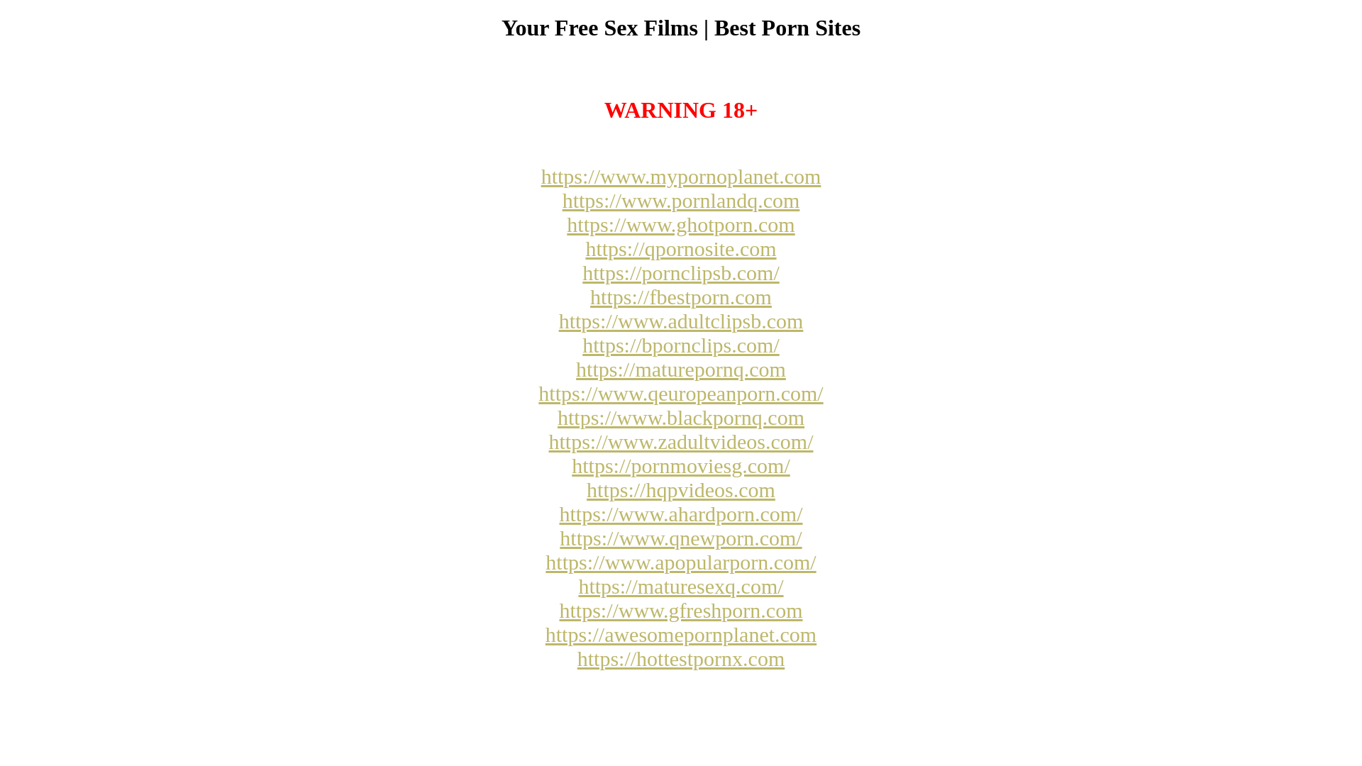 This screenshot has height=766, width=1362. What do you see at coordinates (681, 368) in the screenshot?
I see `'https://maturepornq.com'` at bounding box center [681, 368].